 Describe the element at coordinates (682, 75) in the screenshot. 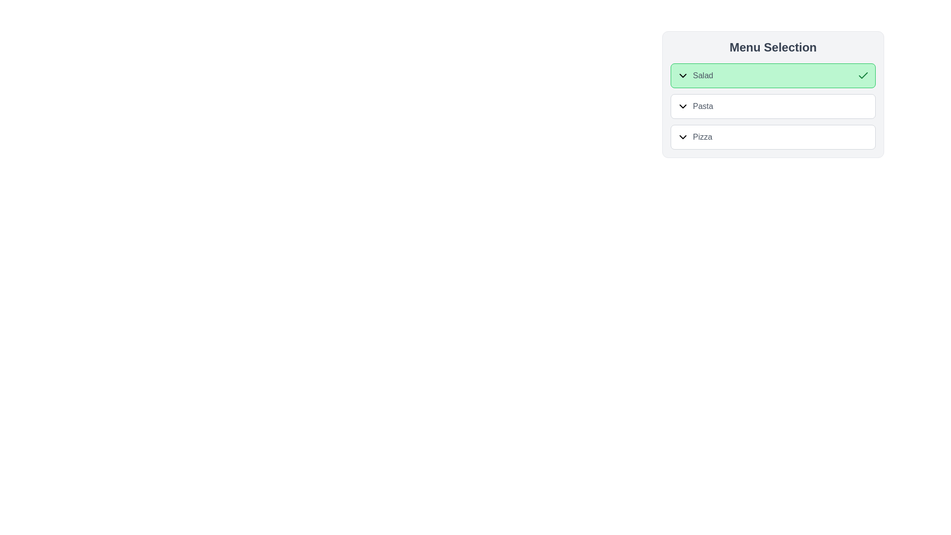

I see `the dropdown toggle icon located in the row with the text 'Salad'` at that location.